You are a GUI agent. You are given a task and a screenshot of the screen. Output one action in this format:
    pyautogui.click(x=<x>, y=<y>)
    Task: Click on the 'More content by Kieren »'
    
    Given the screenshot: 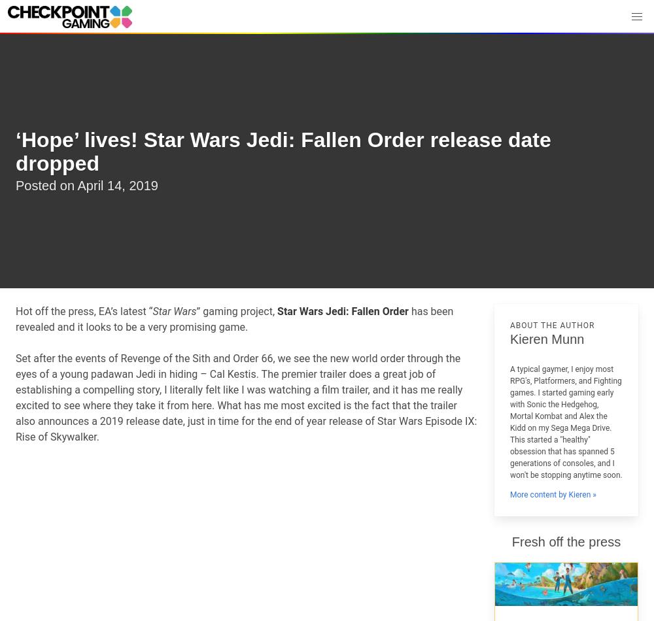 What is the action you would take?
    pyautogui.click(x=552, y=494)
    